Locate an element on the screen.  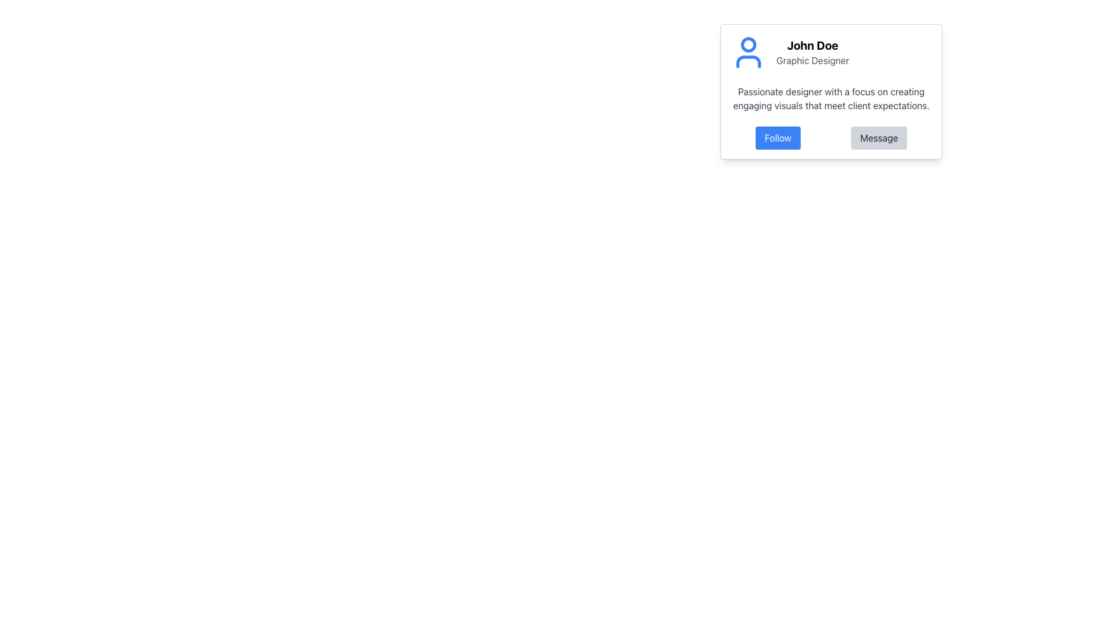
text from the text box located within the profile card, positioned below the 'Graphic Designer' title and above the 'Follow' and 'Message' buttons is located at coordinates (831, 98).